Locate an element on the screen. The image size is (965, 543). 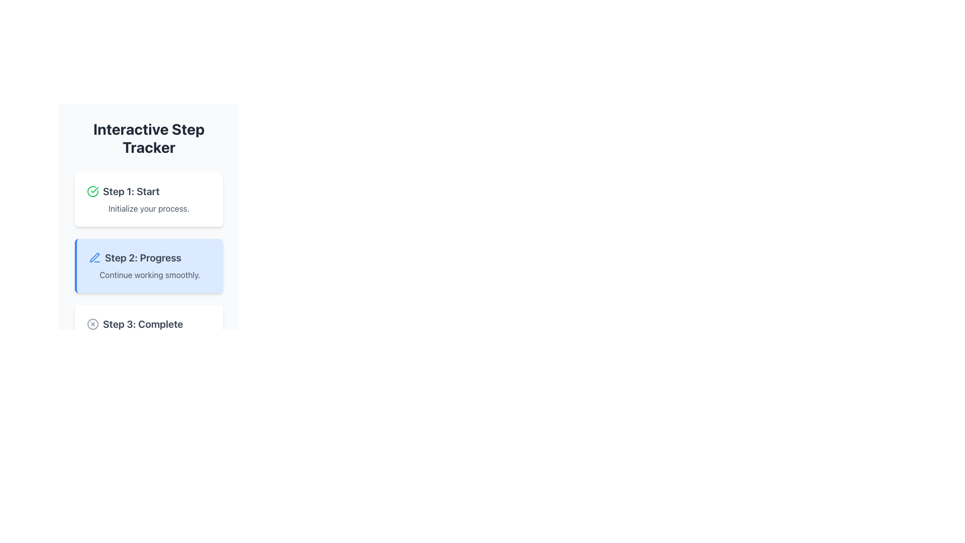
the static icon representing the completion of the first step in the 'Interactive Step Tracker' section, located to the left of the text 'Step 1: Start' is located at coordinates (93, 192).